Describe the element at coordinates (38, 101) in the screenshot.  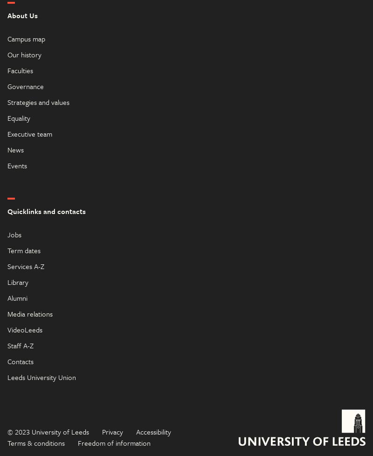
I see `'Strategies and values'` at that location.